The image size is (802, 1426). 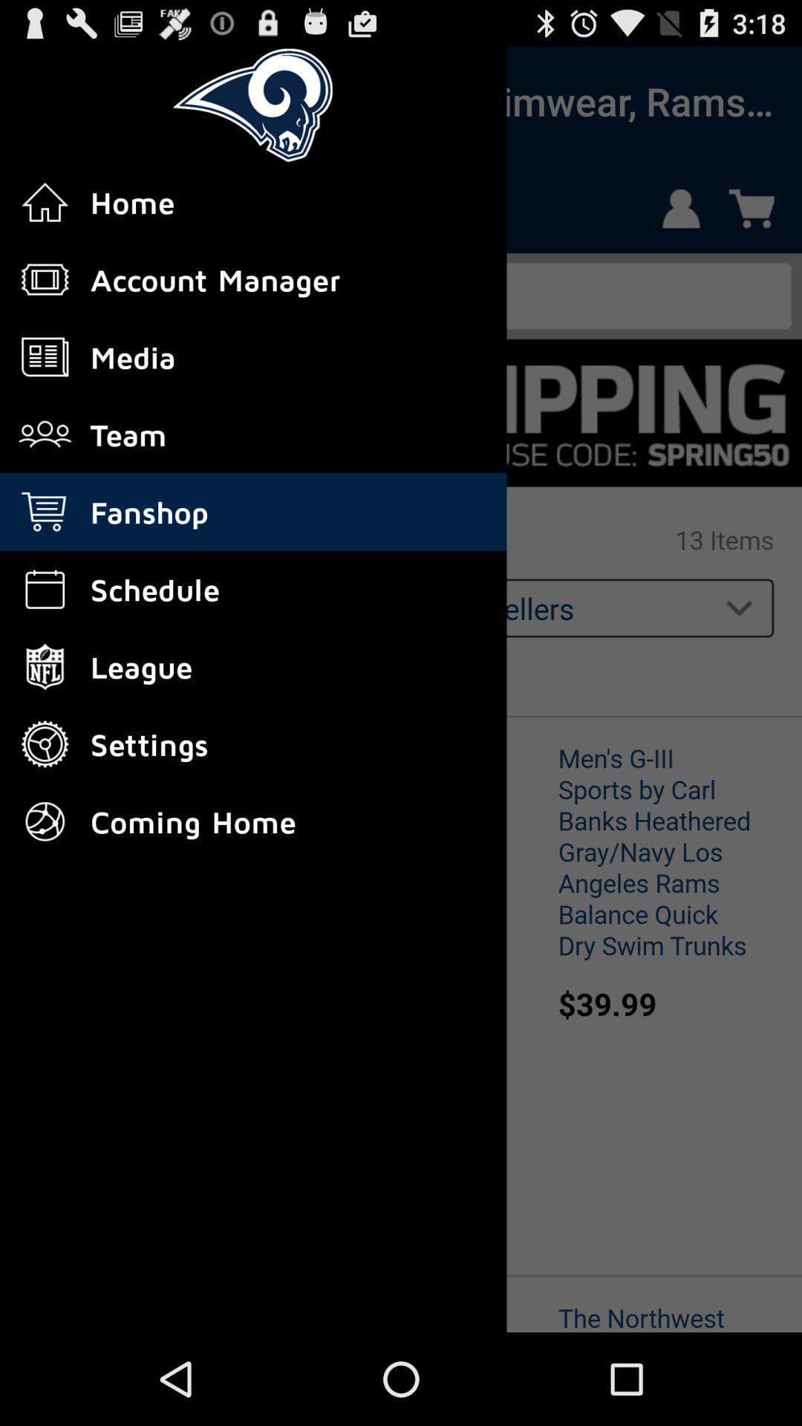 I want to click on enter the fourth icon, so click(x=45, y=434).